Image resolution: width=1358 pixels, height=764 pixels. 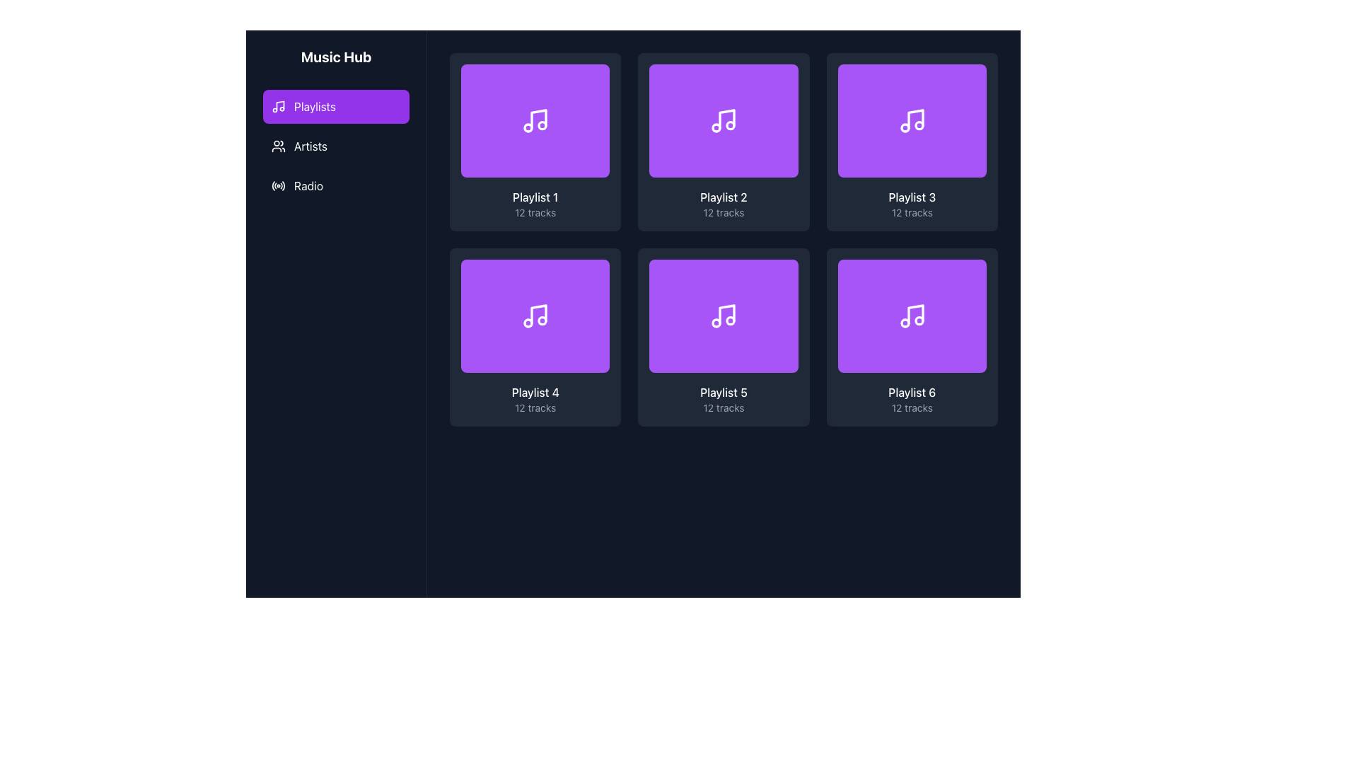 I want to click on the text label identifying 'Playlist 6' located at the center bottom of the card in the third column of the second row of the grid, so click(x=912, y=393).